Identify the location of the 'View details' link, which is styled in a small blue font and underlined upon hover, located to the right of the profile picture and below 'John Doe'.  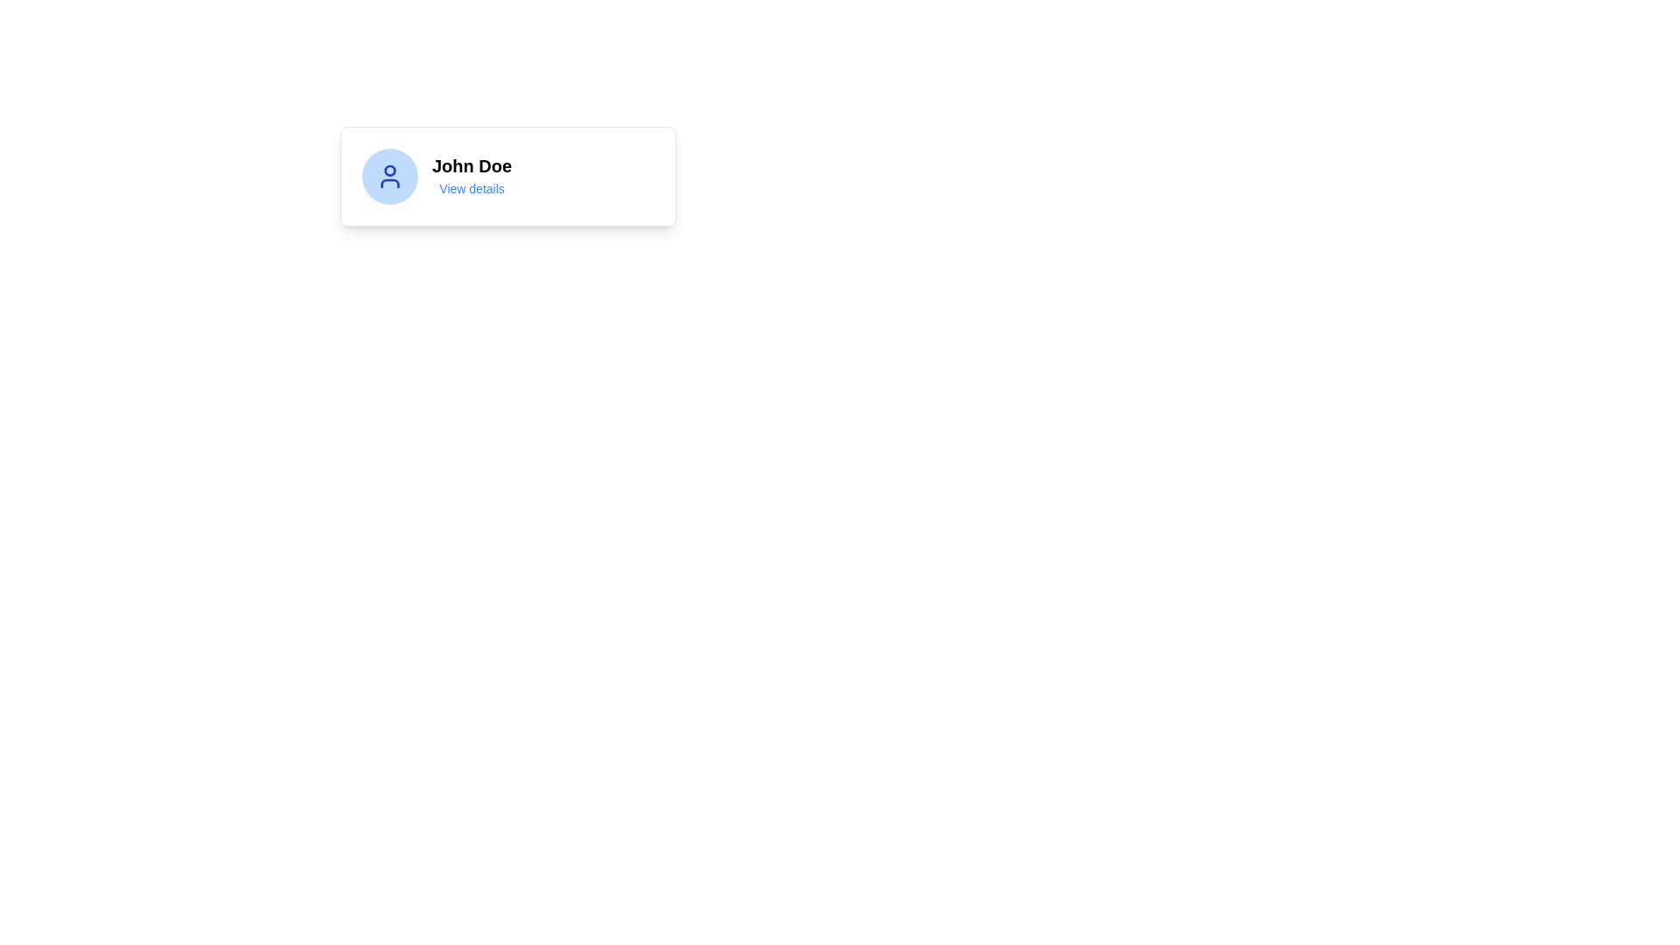
(472, 189).